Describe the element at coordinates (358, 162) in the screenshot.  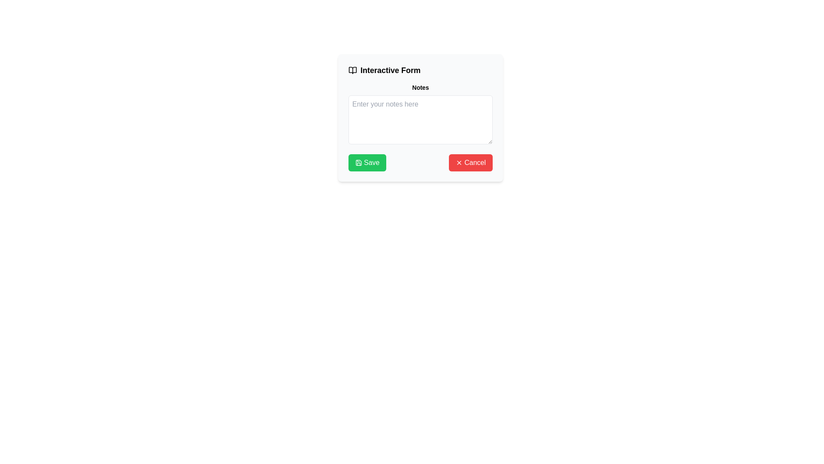
I see `the small green icon resembling a stylized save symbol located next to the text 'Save' within the green button at the bottom left corner of the modal` at that location.